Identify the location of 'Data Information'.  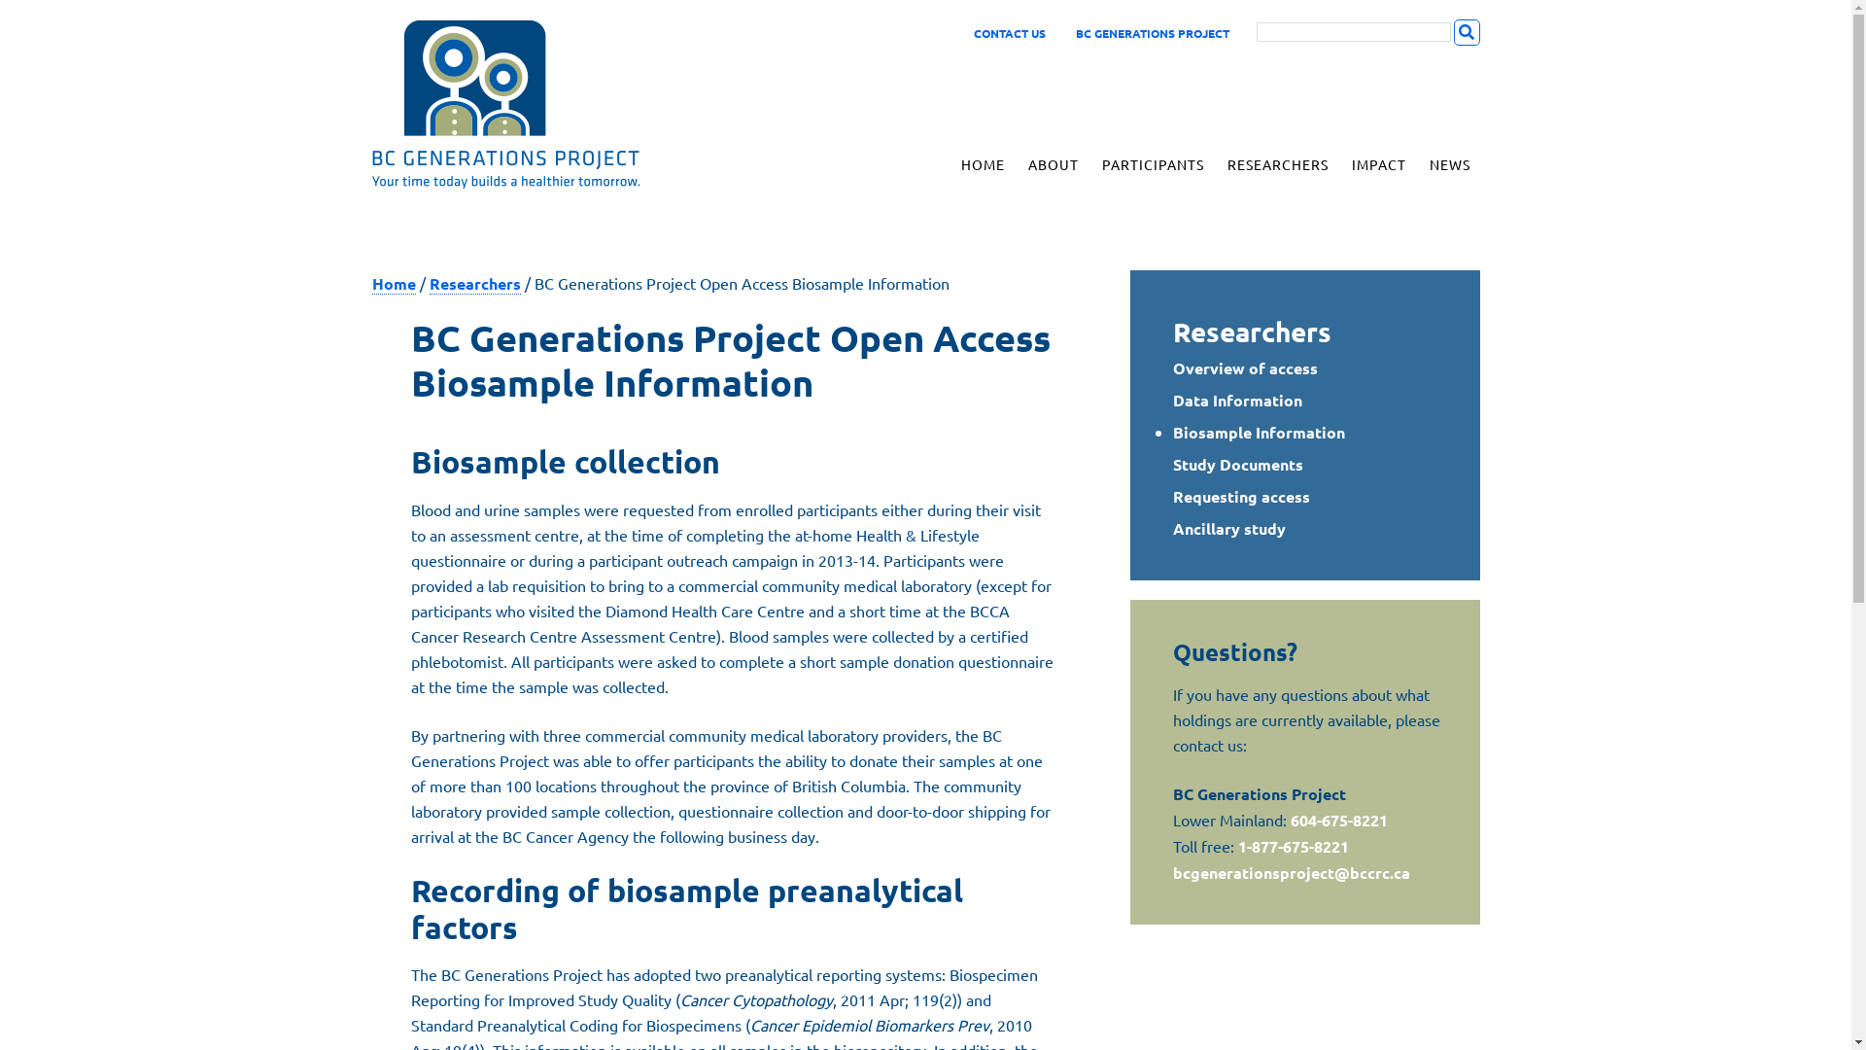
(1236, 398).